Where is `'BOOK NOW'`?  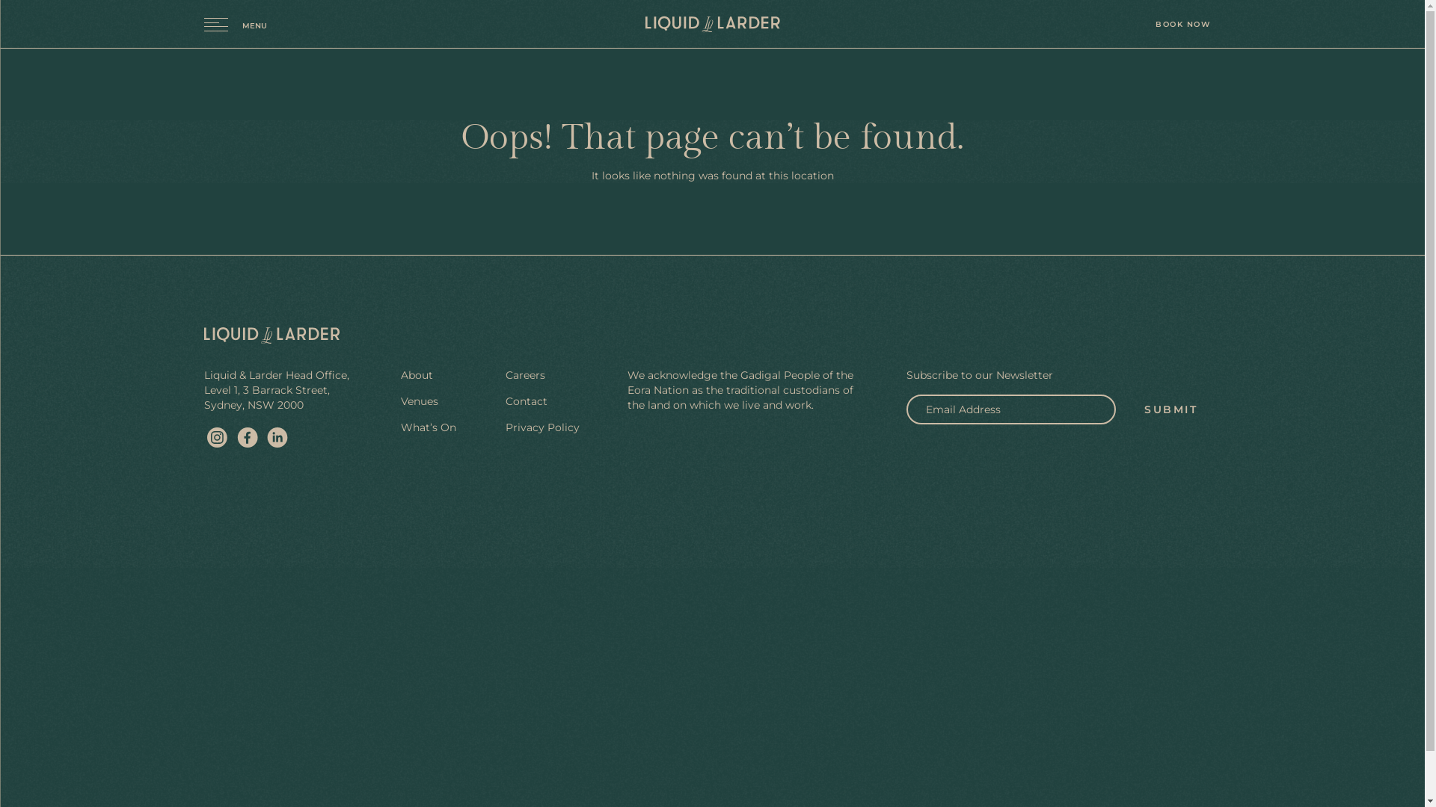
'BOOK NOW' is located at coordinates (1181, 23).